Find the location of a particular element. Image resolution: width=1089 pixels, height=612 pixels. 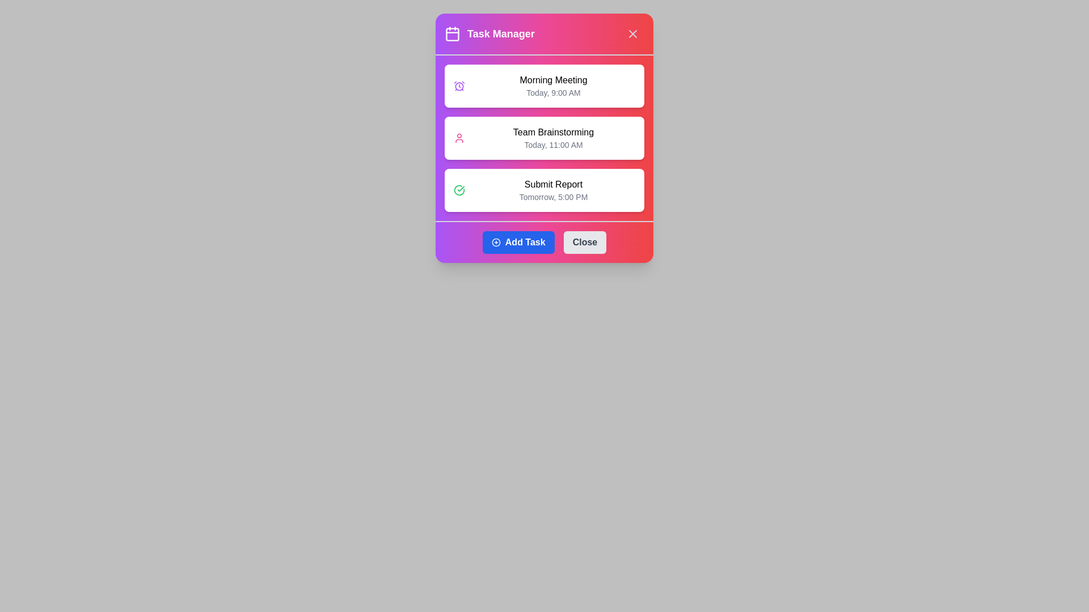

the 'Task Manager' label with the calendar icon, which is styled in bold white font on a bright gradient background is located at coordinates (489, 33).